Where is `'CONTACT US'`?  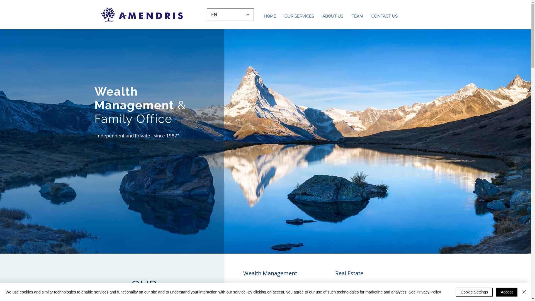
'CONTACT US' is located at coordinates (384, 16).